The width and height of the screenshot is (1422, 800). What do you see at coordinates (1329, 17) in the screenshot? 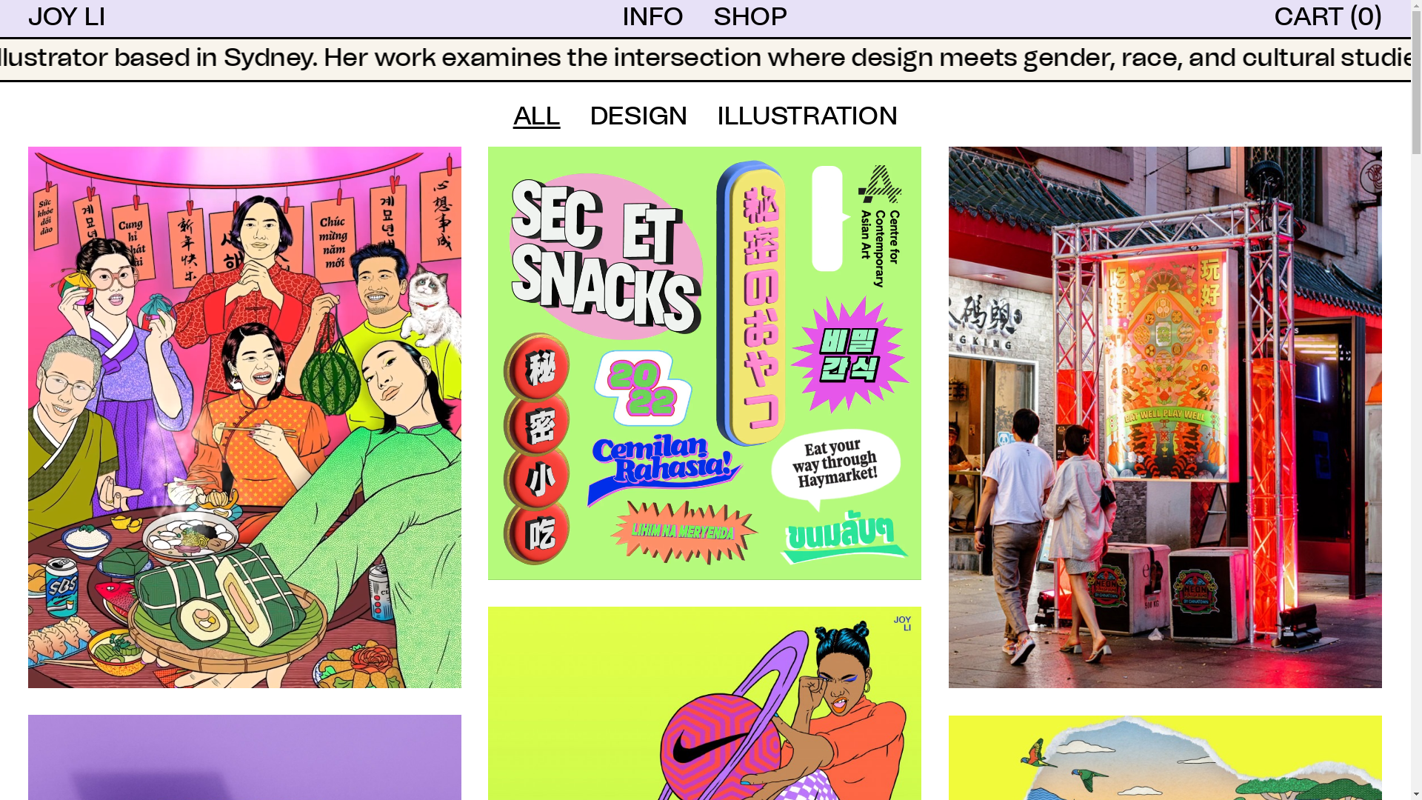
I see `'CART (0)'` at bounding box center [1329, 17].